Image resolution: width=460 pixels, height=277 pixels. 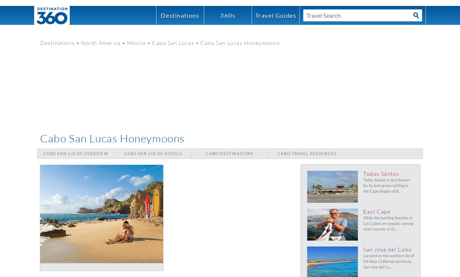 I want to click on 'North America', so click(x=100, y=43).